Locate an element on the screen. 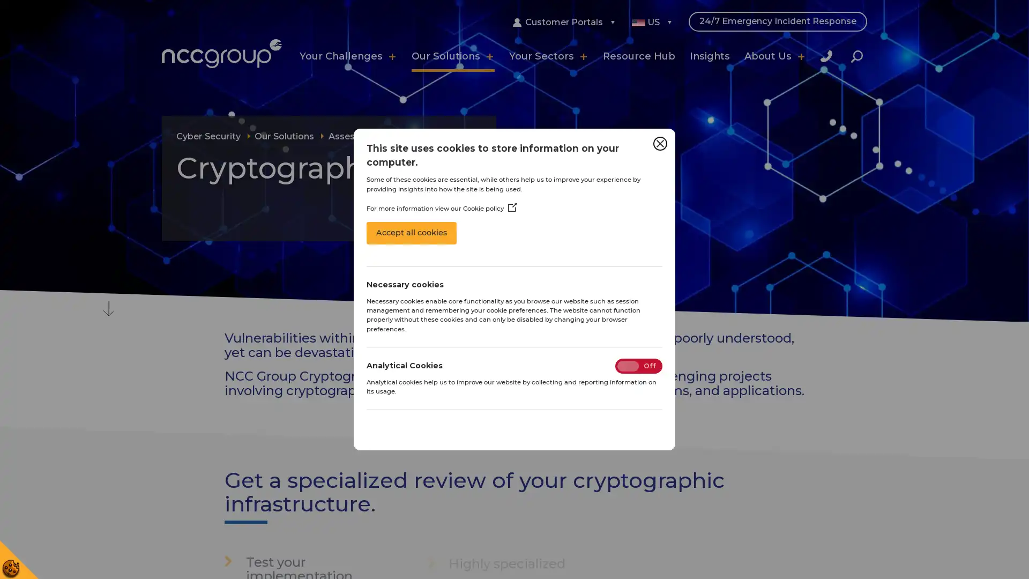 The image size is (1029, 579). Close Search is located at coordinates (822, 94).